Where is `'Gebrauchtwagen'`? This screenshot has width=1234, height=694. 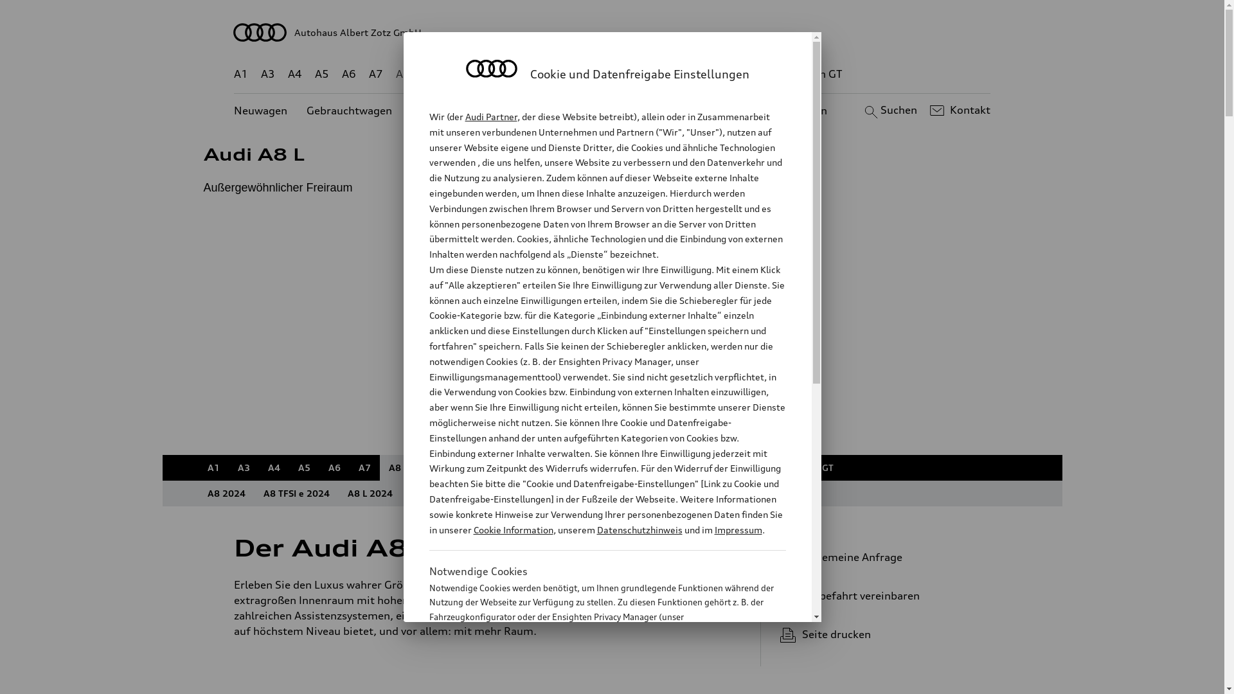
'Gebrauchtwagen' is located at coordinates (349, 110).